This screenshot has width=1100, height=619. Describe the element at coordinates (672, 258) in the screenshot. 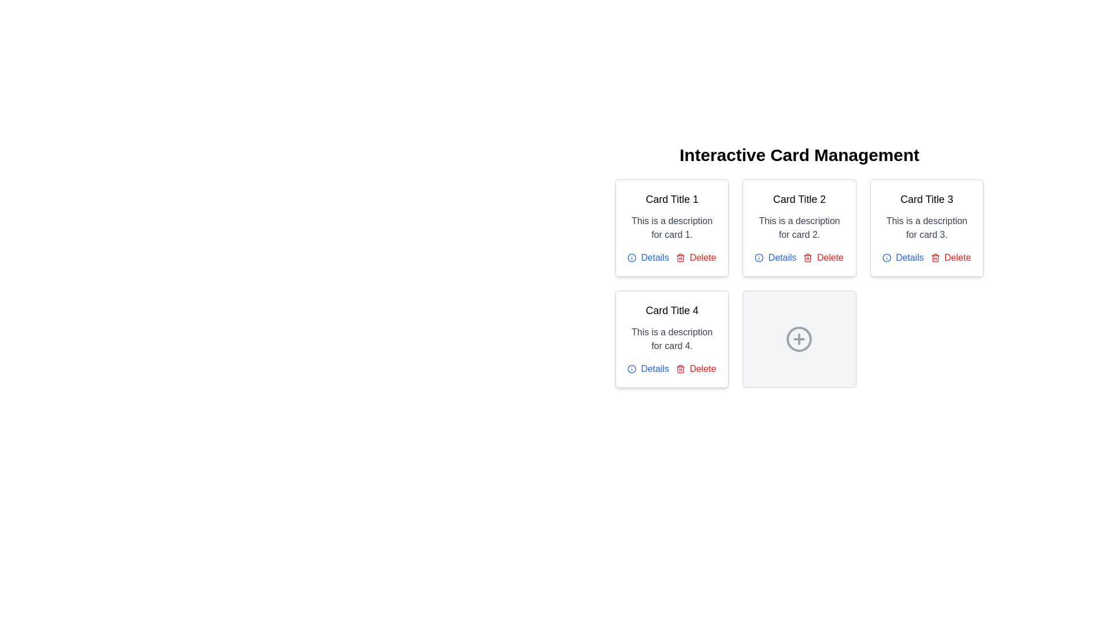

I see `the 'Details' link located at the bottom of the card titled 'Card Title 1'` at that location.